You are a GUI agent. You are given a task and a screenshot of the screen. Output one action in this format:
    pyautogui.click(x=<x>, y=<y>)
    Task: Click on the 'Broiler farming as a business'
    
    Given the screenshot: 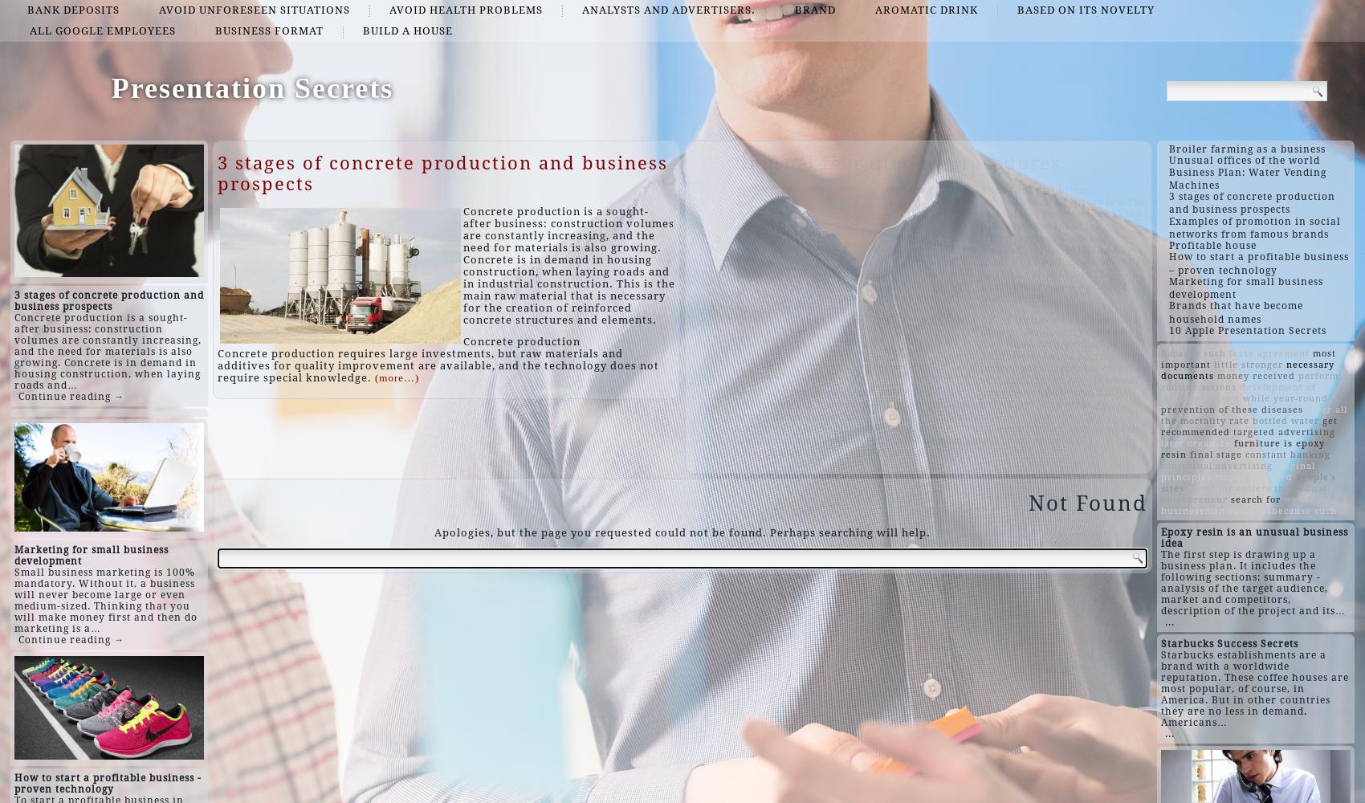 What is the action you would take?
    pyautogui.click(x=1247, y=149)
    